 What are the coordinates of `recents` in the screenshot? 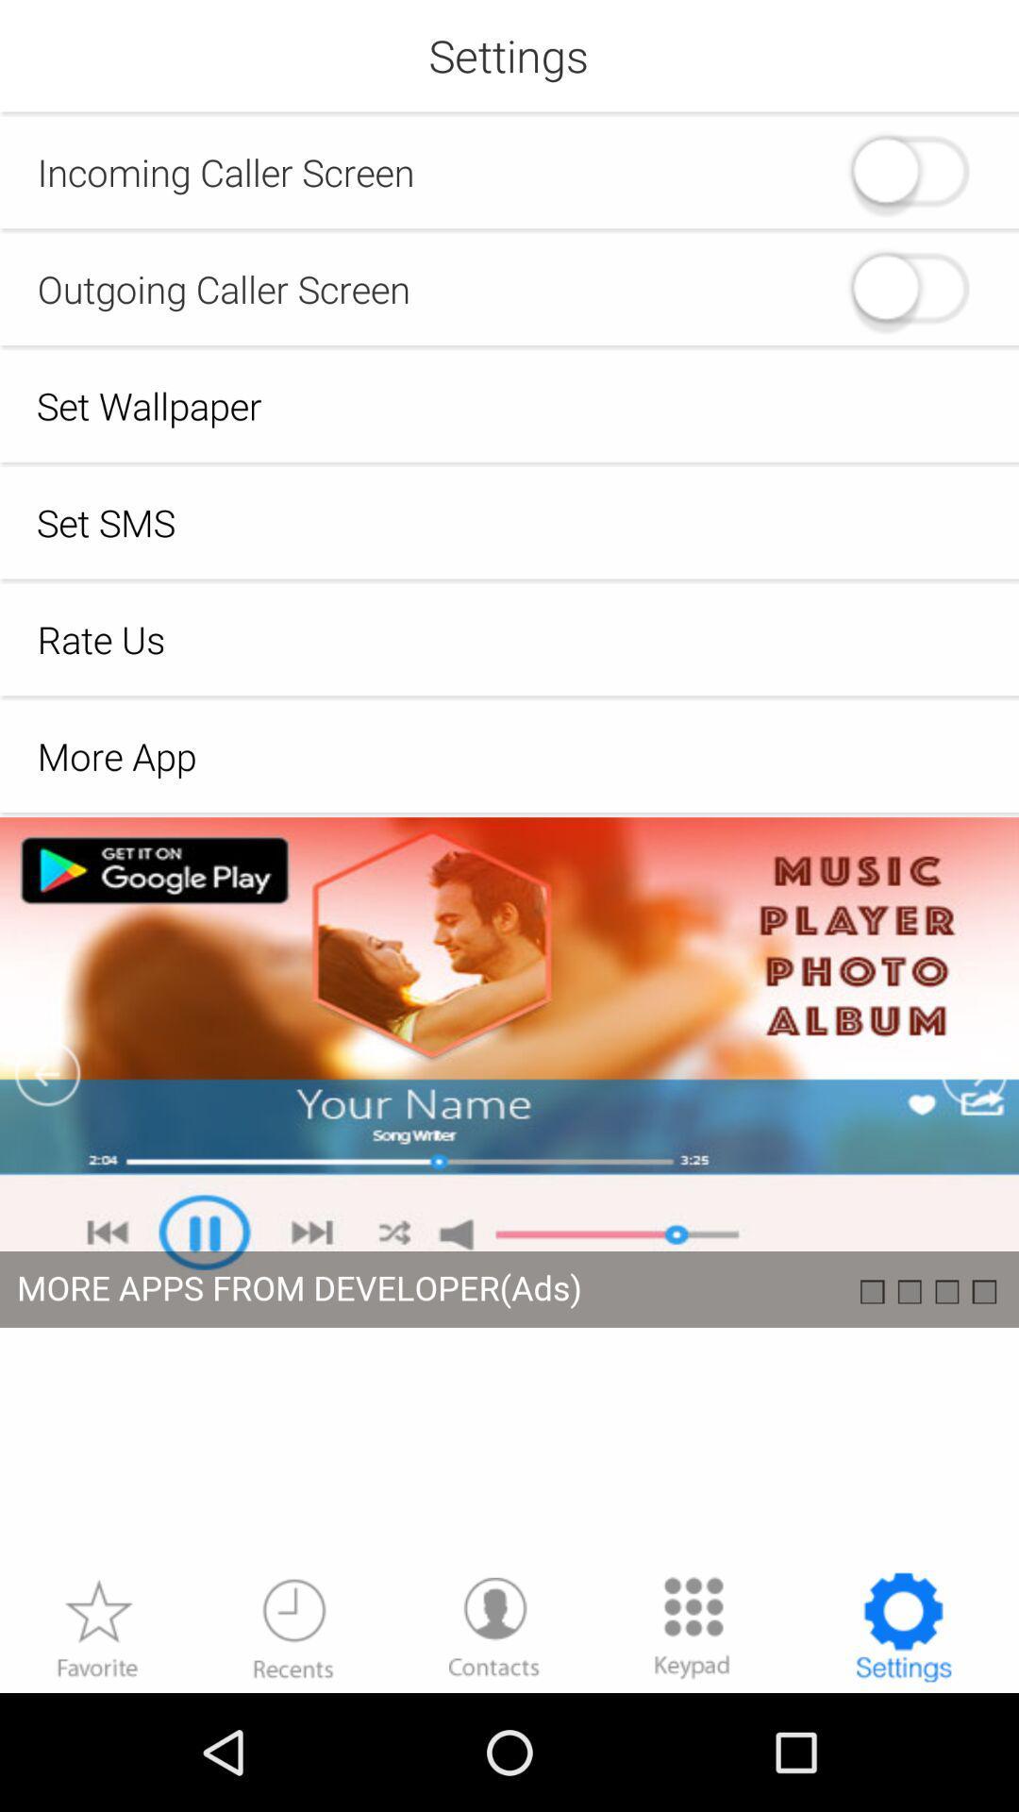 It's located at (293, 1626).